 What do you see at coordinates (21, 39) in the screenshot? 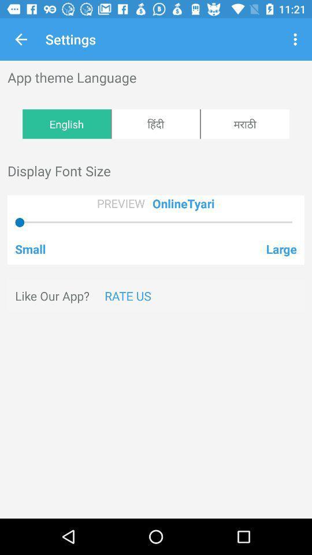
I see `the icon next to settings app` at bounding box center [21, 39].